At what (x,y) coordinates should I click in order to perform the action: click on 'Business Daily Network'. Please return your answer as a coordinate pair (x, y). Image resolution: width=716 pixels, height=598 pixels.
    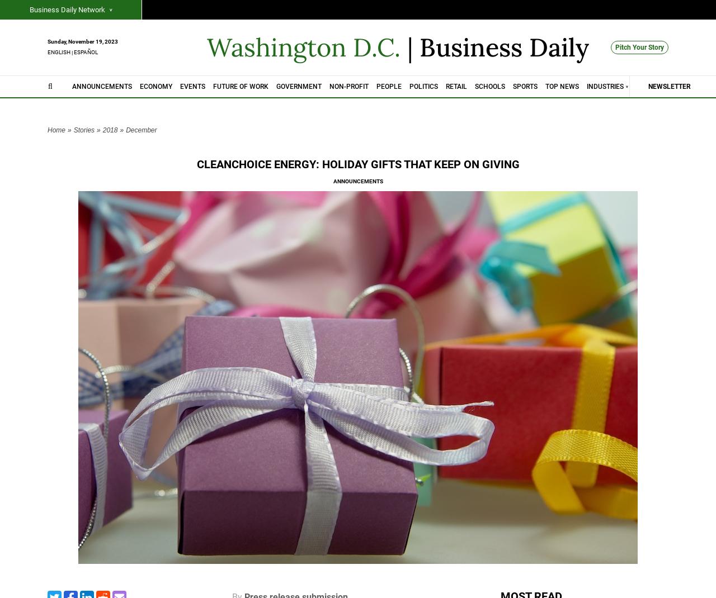
    Looking at the image, I should click on (66, 9).